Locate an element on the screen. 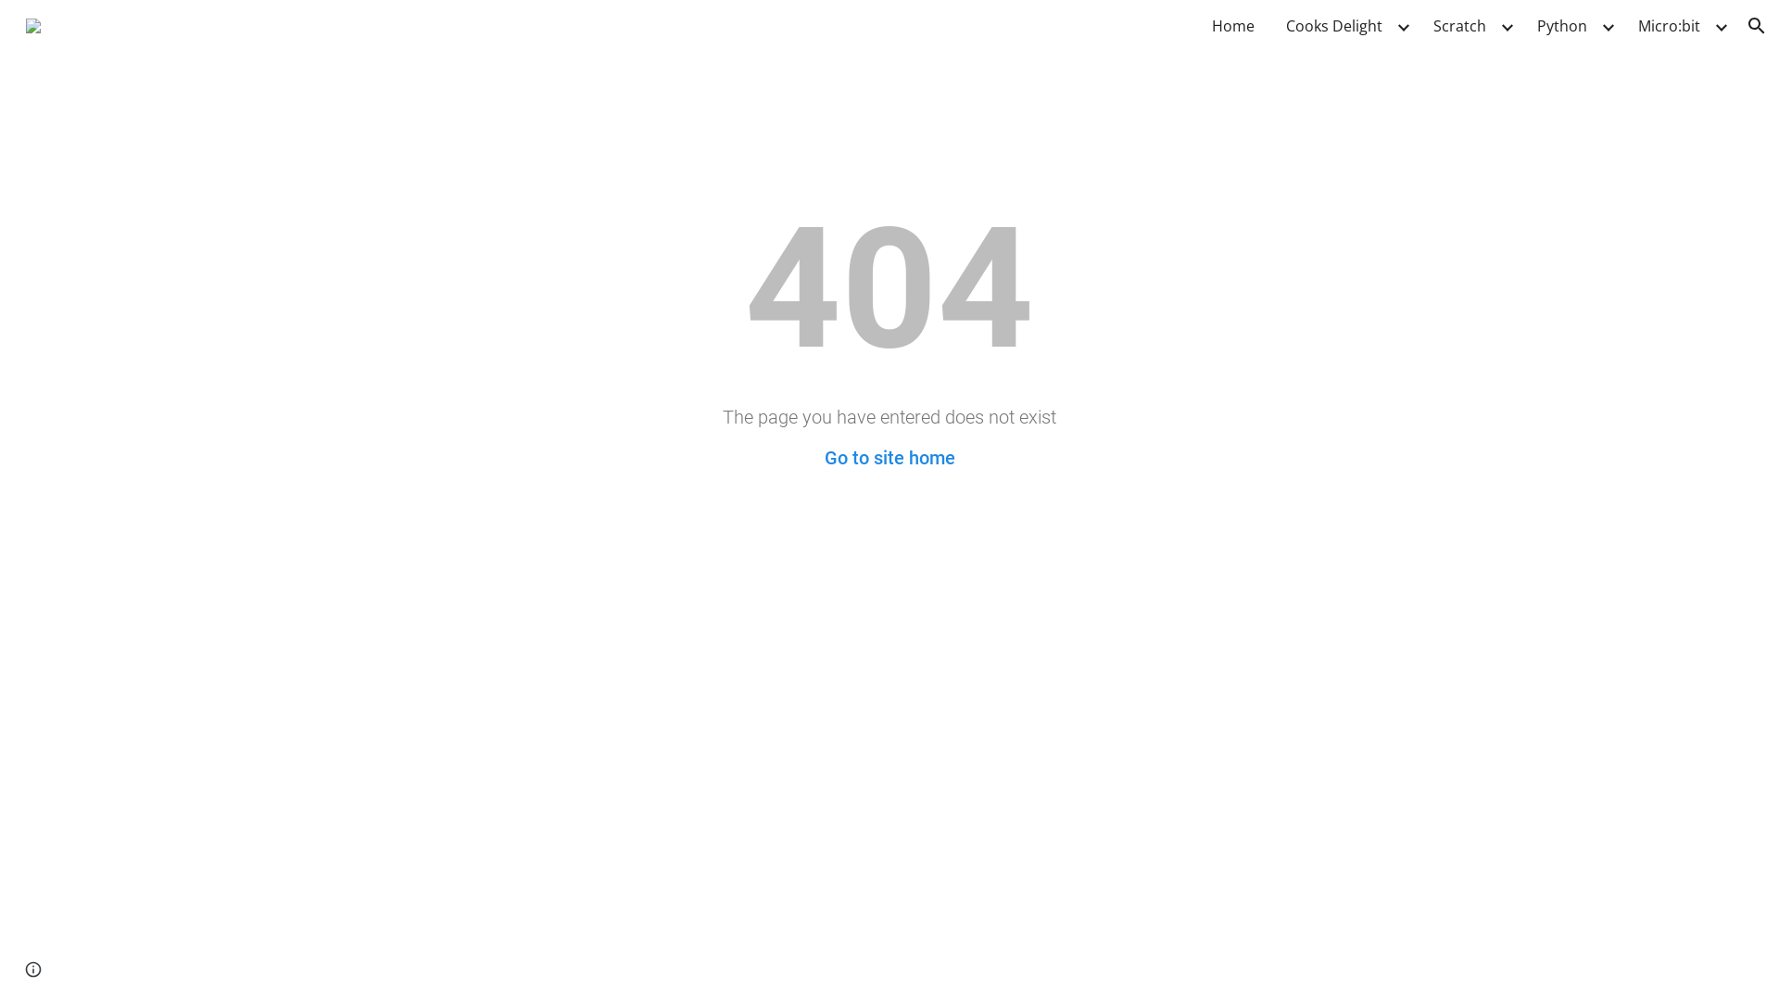 Image resolution: width=1779 pixels, height=1001 pixels. 'Expand/Collapse' is located at coordinates (1507, 25).